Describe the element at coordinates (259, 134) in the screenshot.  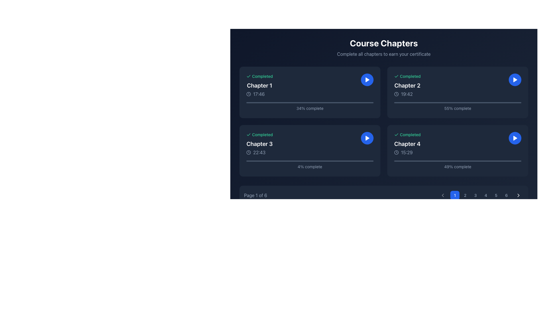
I see `the Status label indicating 'Completed' with a green font and a green checkmark icon, located in the top-left corner of the 'Chapter 3' box` at that location.